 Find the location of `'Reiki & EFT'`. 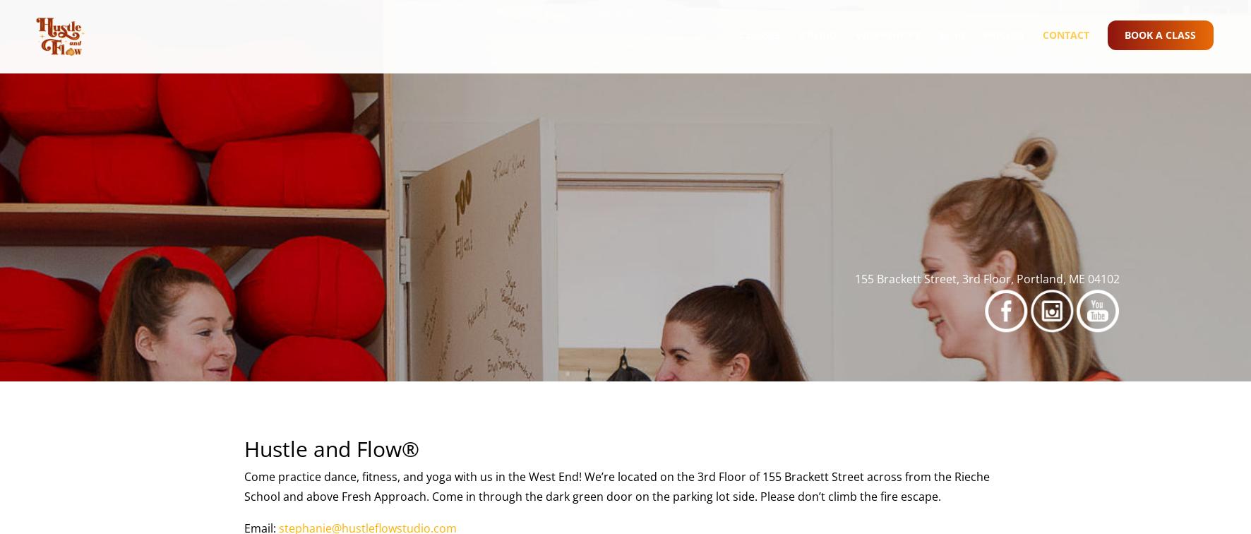

'Reiki & EFT' is located at coordinates (767, 201).